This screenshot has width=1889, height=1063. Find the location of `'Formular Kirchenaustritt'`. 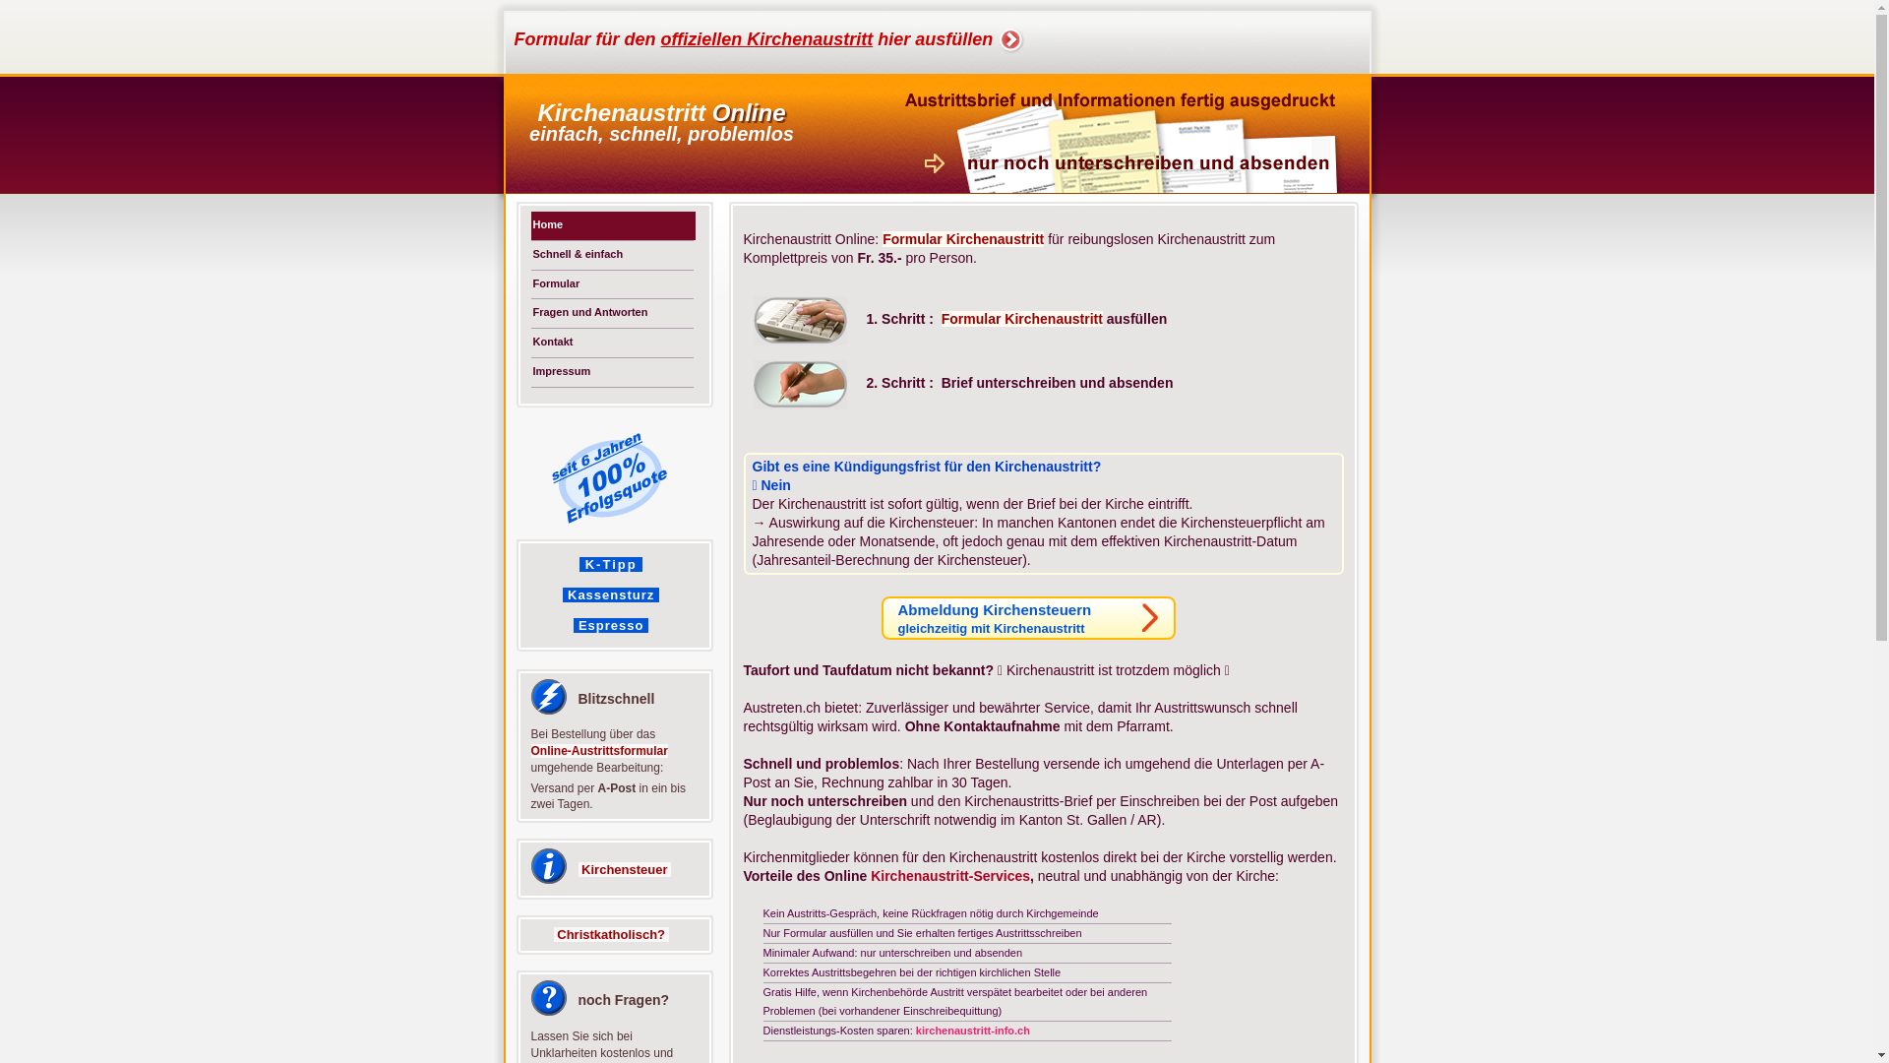

'Formular Kirchenaustritt' is located at coordinates (1021, 318).